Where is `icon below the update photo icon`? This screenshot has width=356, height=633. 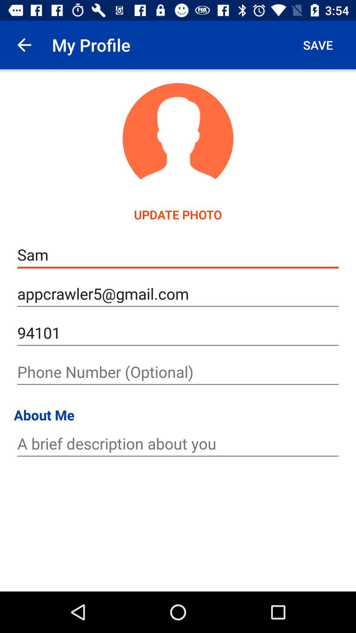 icon below the update photo icon is located at coordinates (178, 255).